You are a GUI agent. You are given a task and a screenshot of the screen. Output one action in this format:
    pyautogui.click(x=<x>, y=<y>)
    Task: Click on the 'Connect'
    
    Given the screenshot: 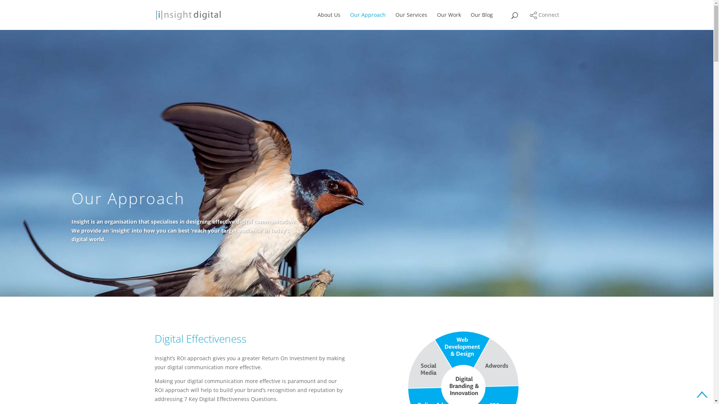 What is the action you would take?
    pyautogui.click(x=529, y=15)
    